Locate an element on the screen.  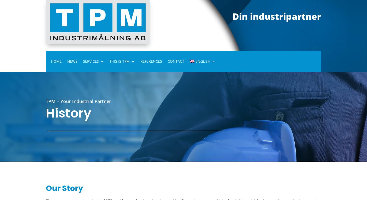
'News' is located at coordinates (72, 61).